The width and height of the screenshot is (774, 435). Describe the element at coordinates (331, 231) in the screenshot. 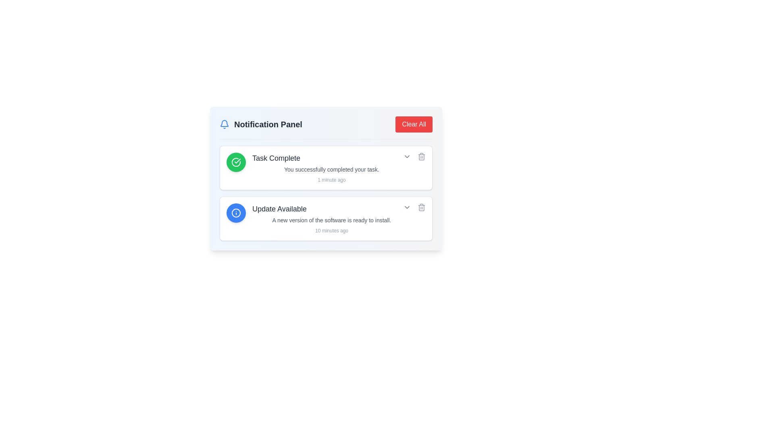

I see `time information displayed in the small text label that says '10 minutes ago', which is positioned below the notification message in the 'Update Available' notification panel` at that location.